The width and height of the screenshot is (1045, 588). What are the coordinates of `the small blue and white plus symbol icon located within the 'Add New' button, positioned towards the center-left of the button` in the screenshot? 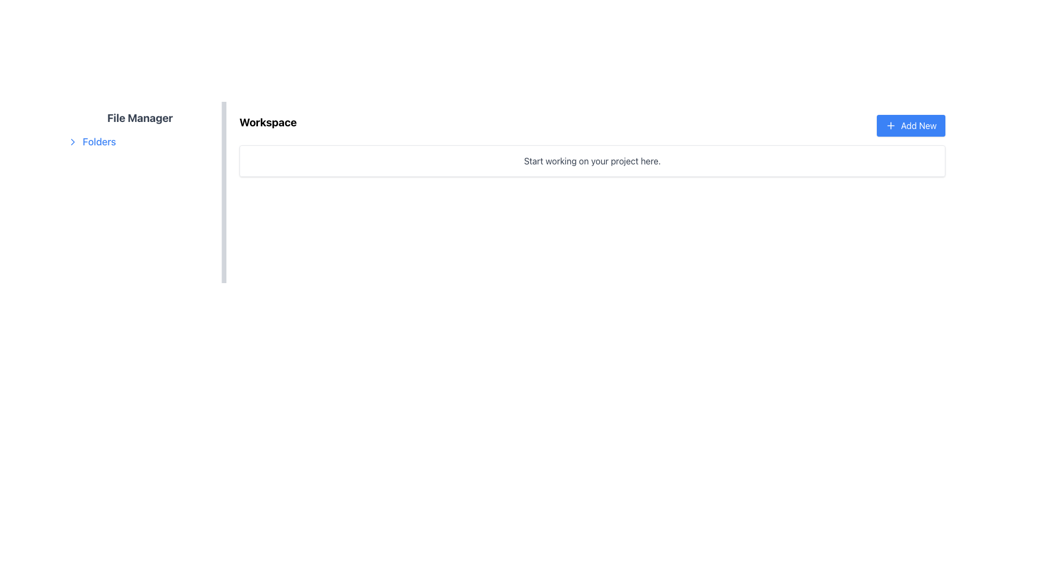 It's located at (891, 125).